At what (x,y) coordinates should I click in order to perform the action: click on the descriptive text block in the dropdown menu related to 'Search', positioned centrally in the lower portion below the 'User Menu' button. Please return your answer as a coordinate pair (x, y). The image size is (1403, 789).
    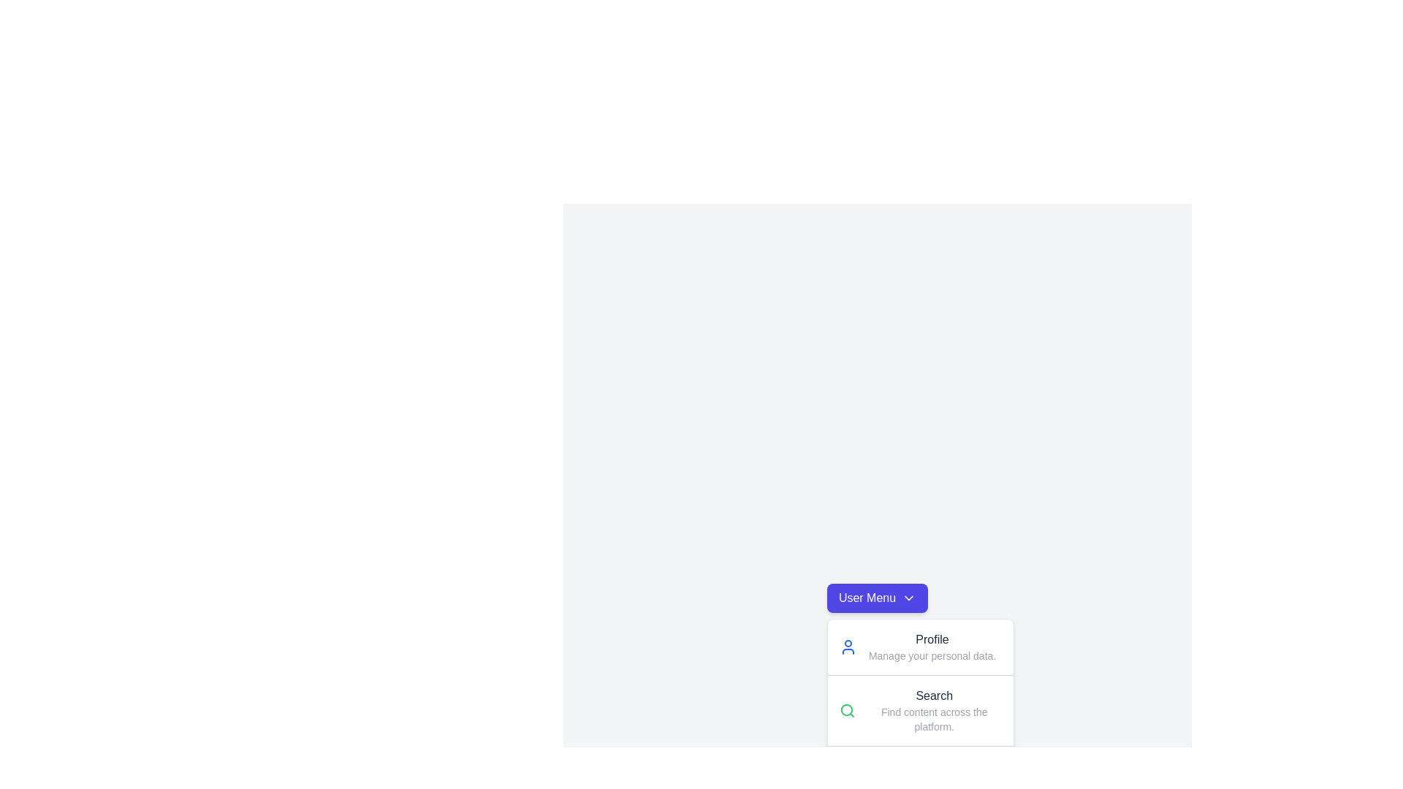
    Looking at the image, I should click on (933, 709).